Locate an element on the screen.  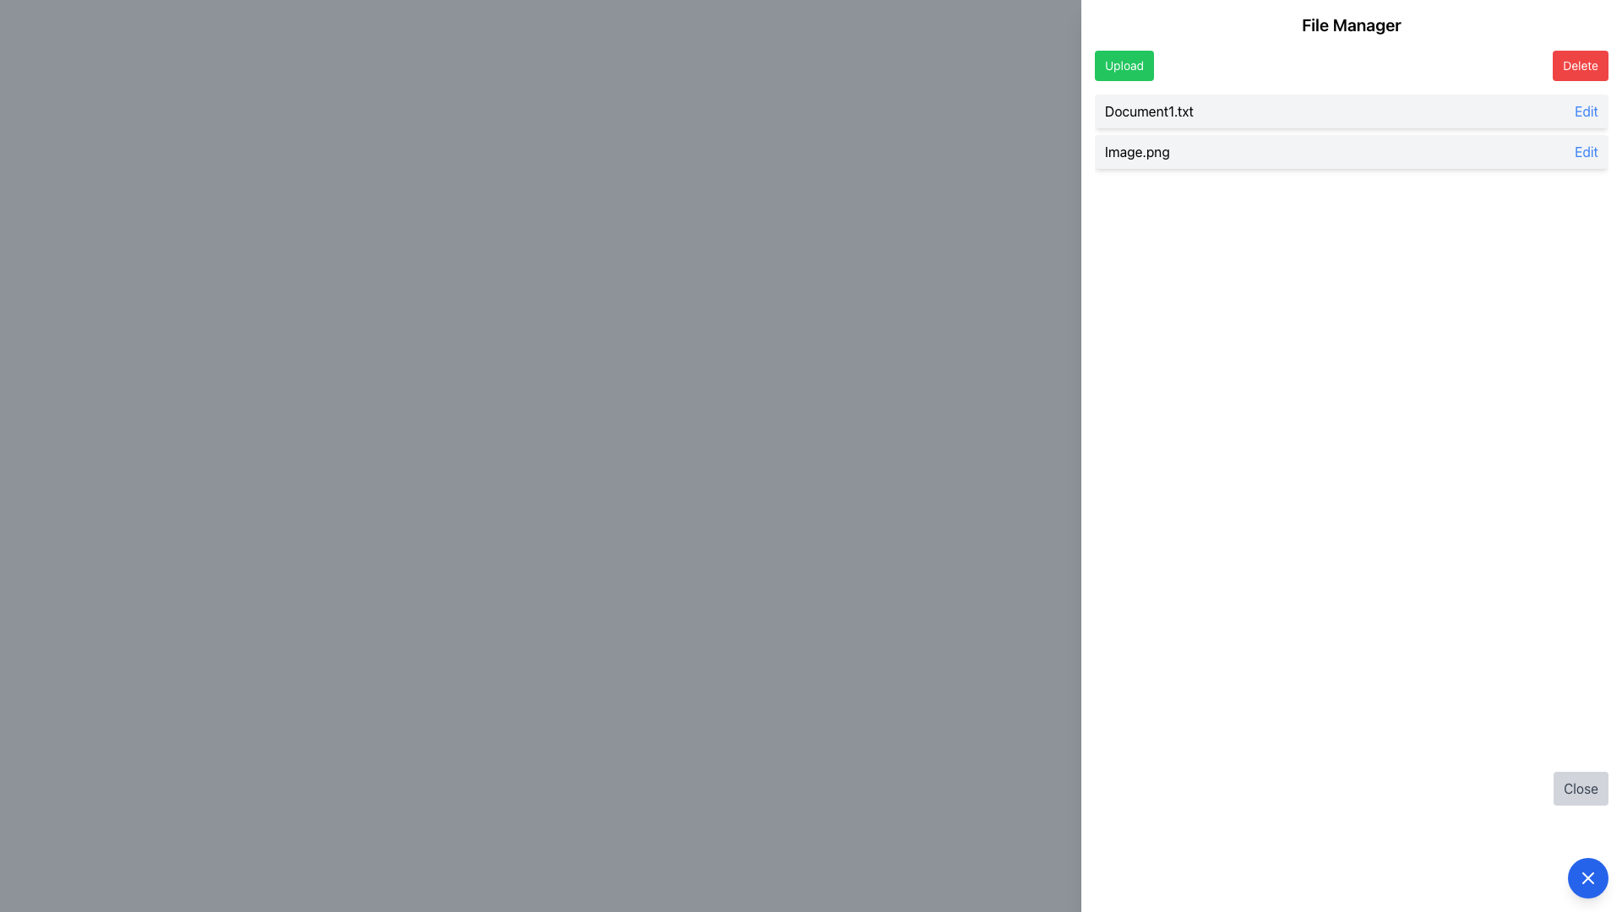
the 'Close' button located at the bottom-right of the interface is located at coordinates (1580, 788).